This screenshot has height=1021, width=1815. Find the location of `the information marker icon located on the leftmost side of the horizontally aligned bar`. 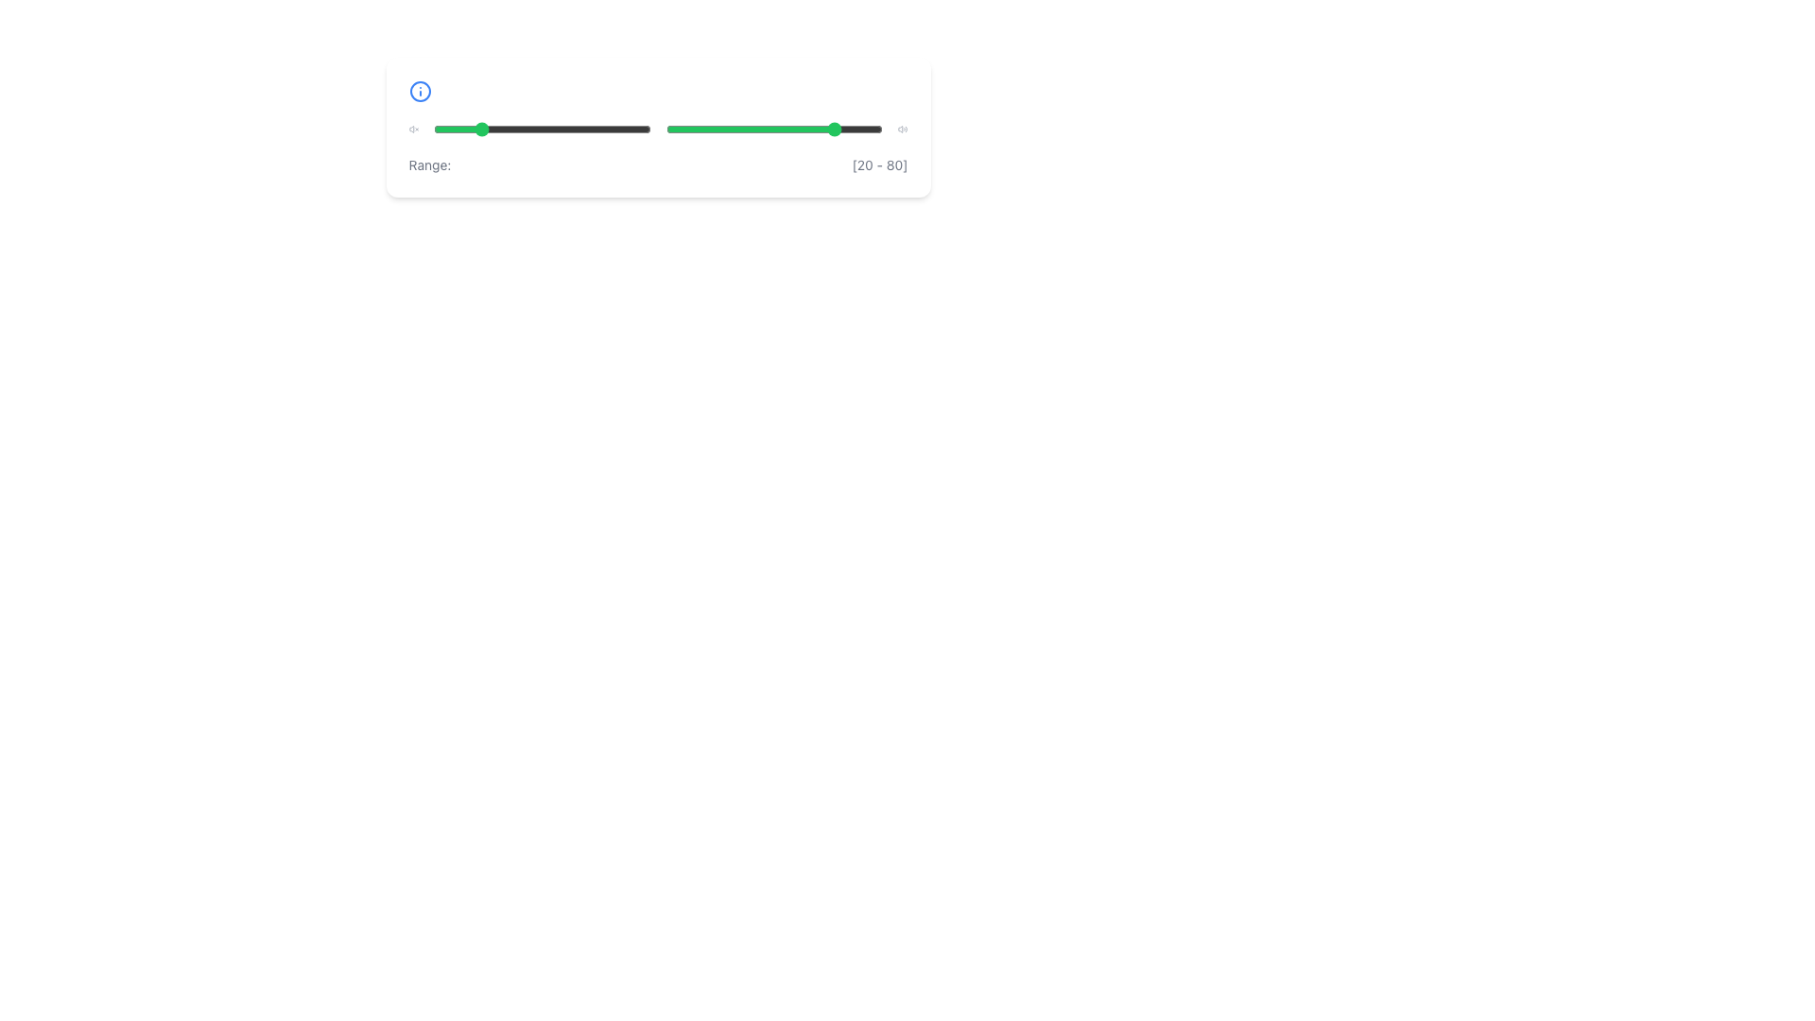

the information marker icon located on the leftmost side of the horizontally aligned bar is located at coordinates (419, 91).